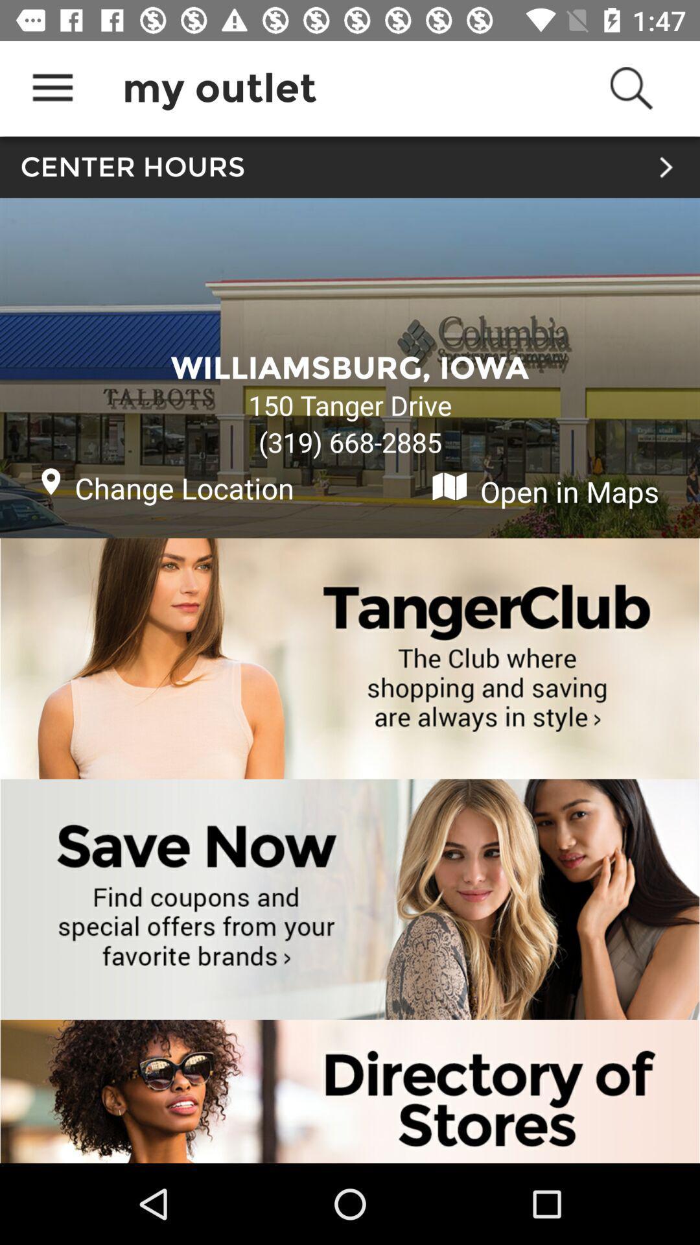 This screenshot has width=700, height=1245. I want to click on the icon below the 150 tanger drive item, so click(350, 442).